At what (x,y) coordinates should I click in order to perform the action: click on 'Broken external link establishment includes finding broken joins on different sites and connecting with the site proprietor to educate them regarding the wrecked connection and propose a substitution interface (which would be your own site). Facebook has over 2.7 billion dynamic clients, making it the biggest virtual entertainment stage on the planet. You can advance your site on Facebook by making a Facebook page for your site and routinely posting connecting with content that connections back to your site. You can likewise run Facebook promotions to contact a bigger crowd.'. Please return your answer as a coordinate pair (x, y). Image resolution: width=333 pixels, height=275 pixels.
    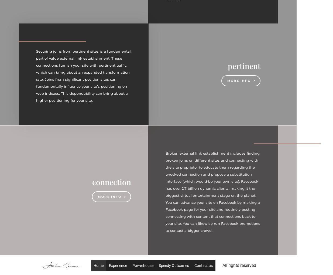
    Looking at the image, I should click on (213, 192).